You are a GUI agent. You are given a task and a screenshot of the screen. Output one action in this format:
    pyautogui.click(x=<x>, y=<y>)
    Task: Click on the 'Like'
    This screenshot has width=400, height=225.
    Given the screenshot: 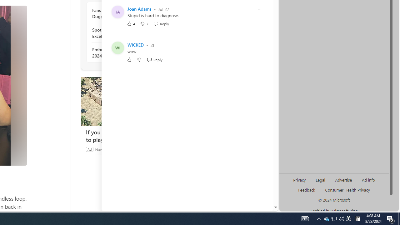 What is the action you would take?
    pyautogui.click(x=129, y=60)
    